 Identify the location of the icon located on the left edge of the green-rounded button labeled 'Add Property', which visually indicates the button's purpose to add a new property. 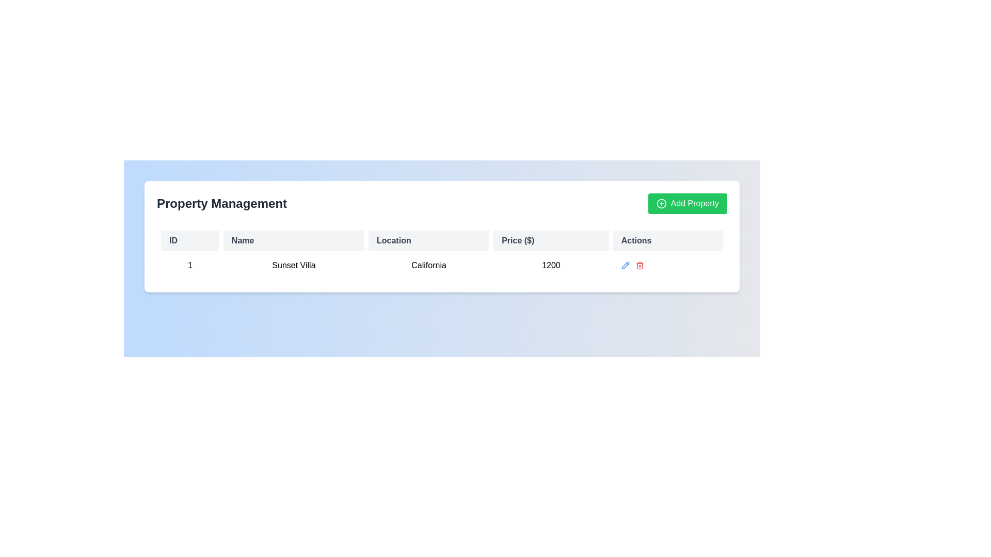
(661, 203).